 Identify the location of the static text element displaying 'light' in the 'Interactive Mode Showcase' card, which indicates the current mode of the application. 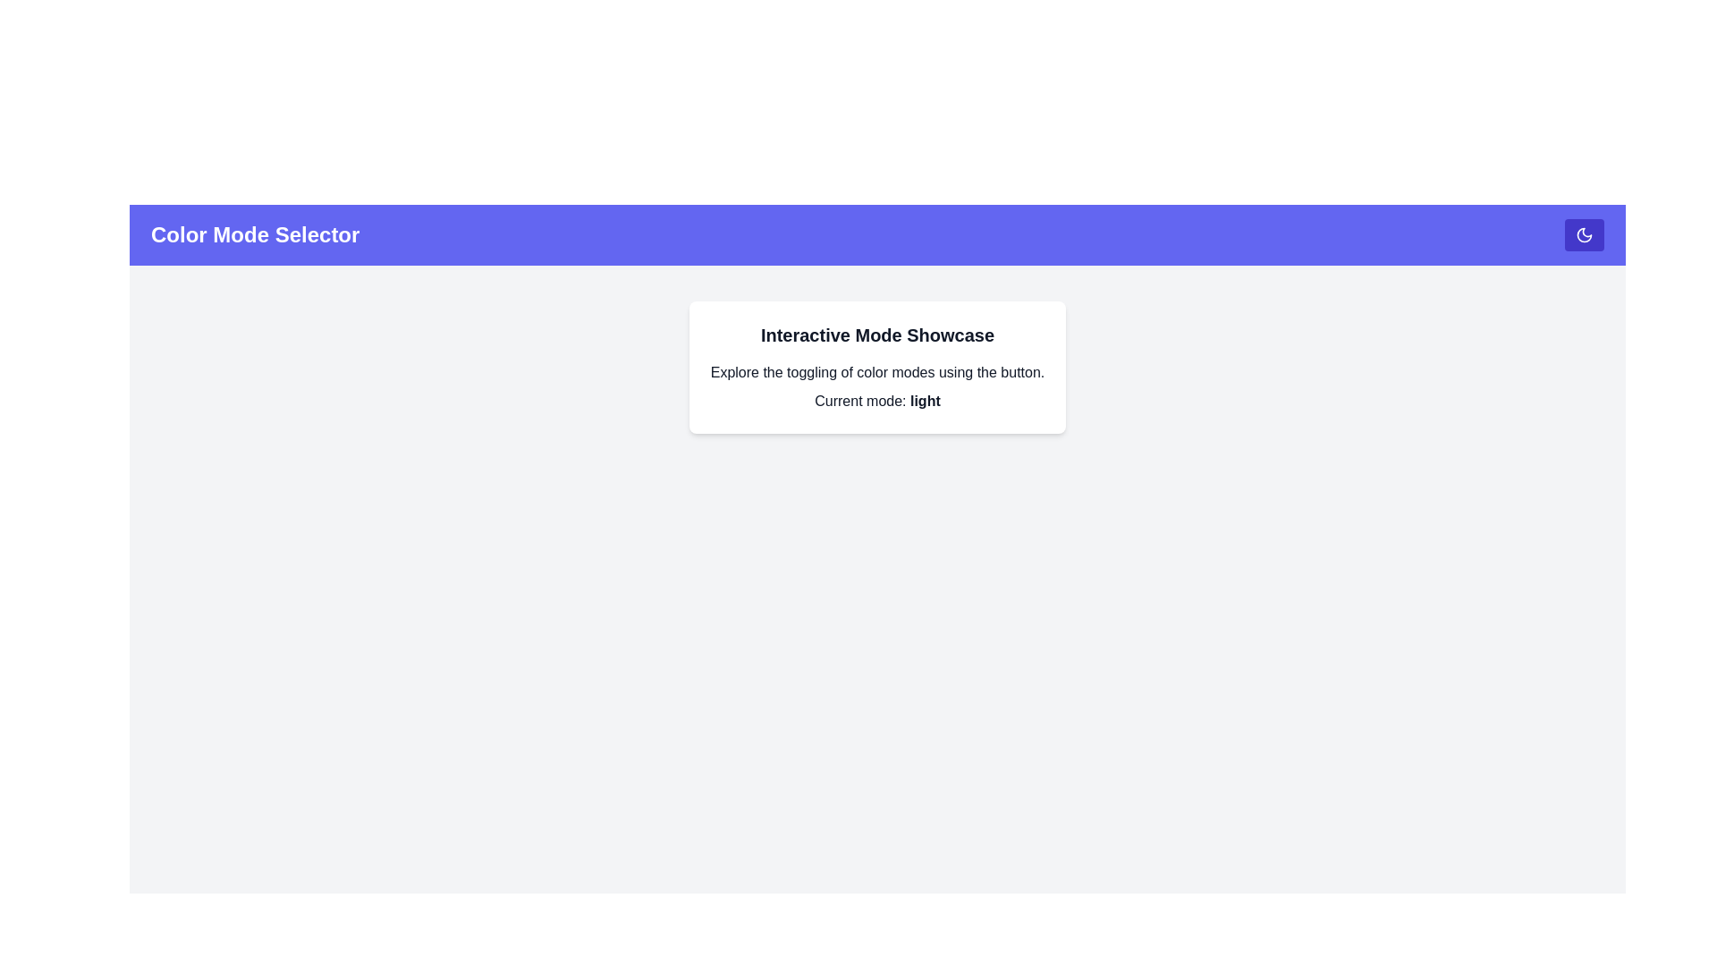
(925, 400).